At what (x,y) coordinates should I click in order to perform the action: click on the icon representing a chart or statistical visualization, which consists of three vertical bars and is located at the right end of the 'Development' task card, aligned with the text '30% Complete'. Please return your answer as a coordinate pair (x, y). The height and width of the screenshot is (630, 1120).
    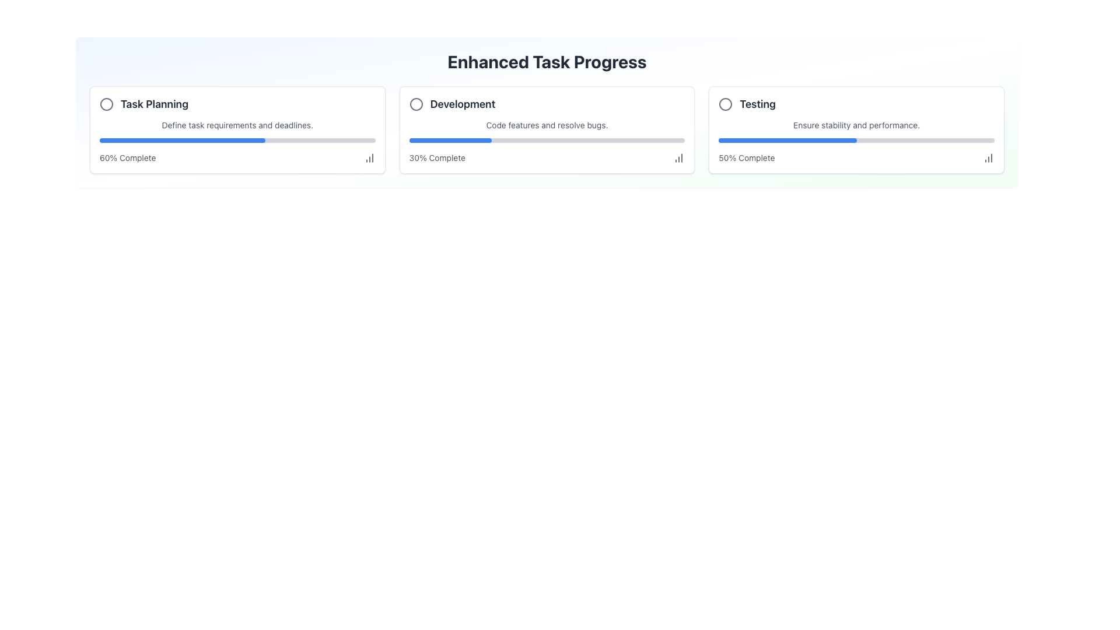
    Looking at the image, I should click on (679, 157).